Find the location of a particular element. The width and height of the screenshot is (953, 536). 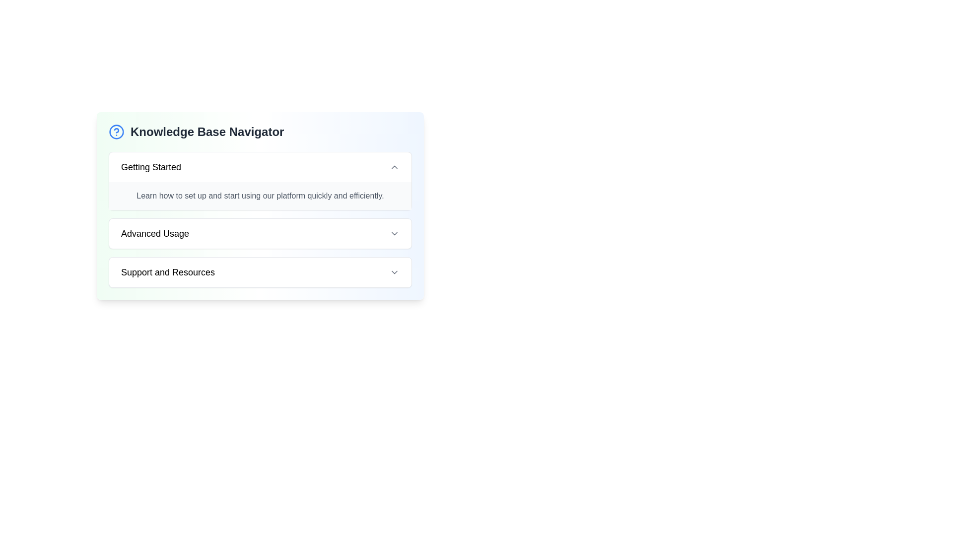

the 'Support and Resources' collapsible button located at the third position in the vertical stack is located at coordinates (260, 272).